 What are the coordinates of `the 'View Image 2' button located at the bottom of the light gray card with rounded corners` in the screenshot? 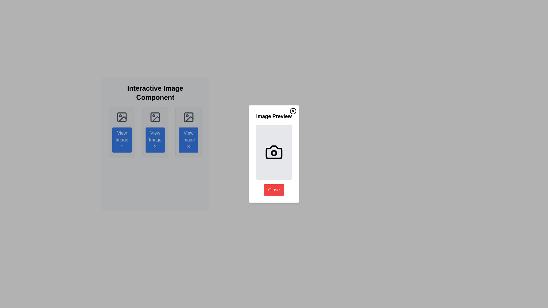 It's located at (155, 132).